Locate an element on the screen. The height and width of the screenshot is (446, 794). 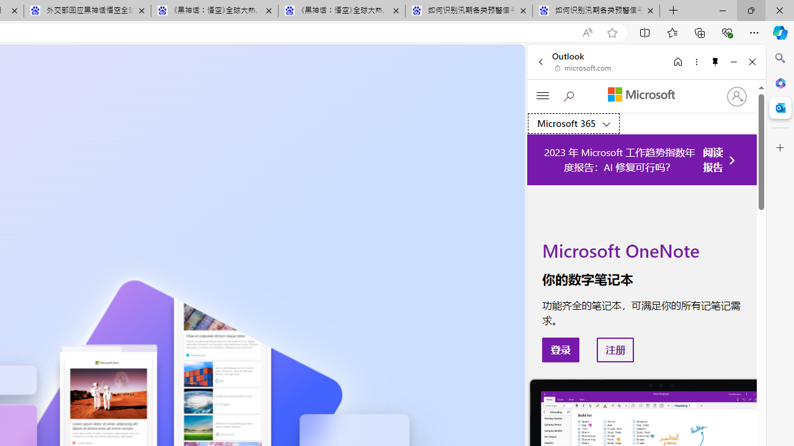
'microsoft.com' is located at coordinates (582, 68).